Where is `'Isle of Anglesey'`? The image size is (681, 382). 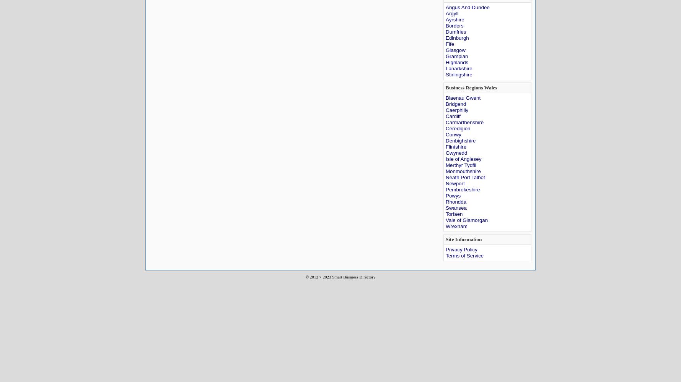
'Isle of Anglesey' is located at coordinates (463, 159).